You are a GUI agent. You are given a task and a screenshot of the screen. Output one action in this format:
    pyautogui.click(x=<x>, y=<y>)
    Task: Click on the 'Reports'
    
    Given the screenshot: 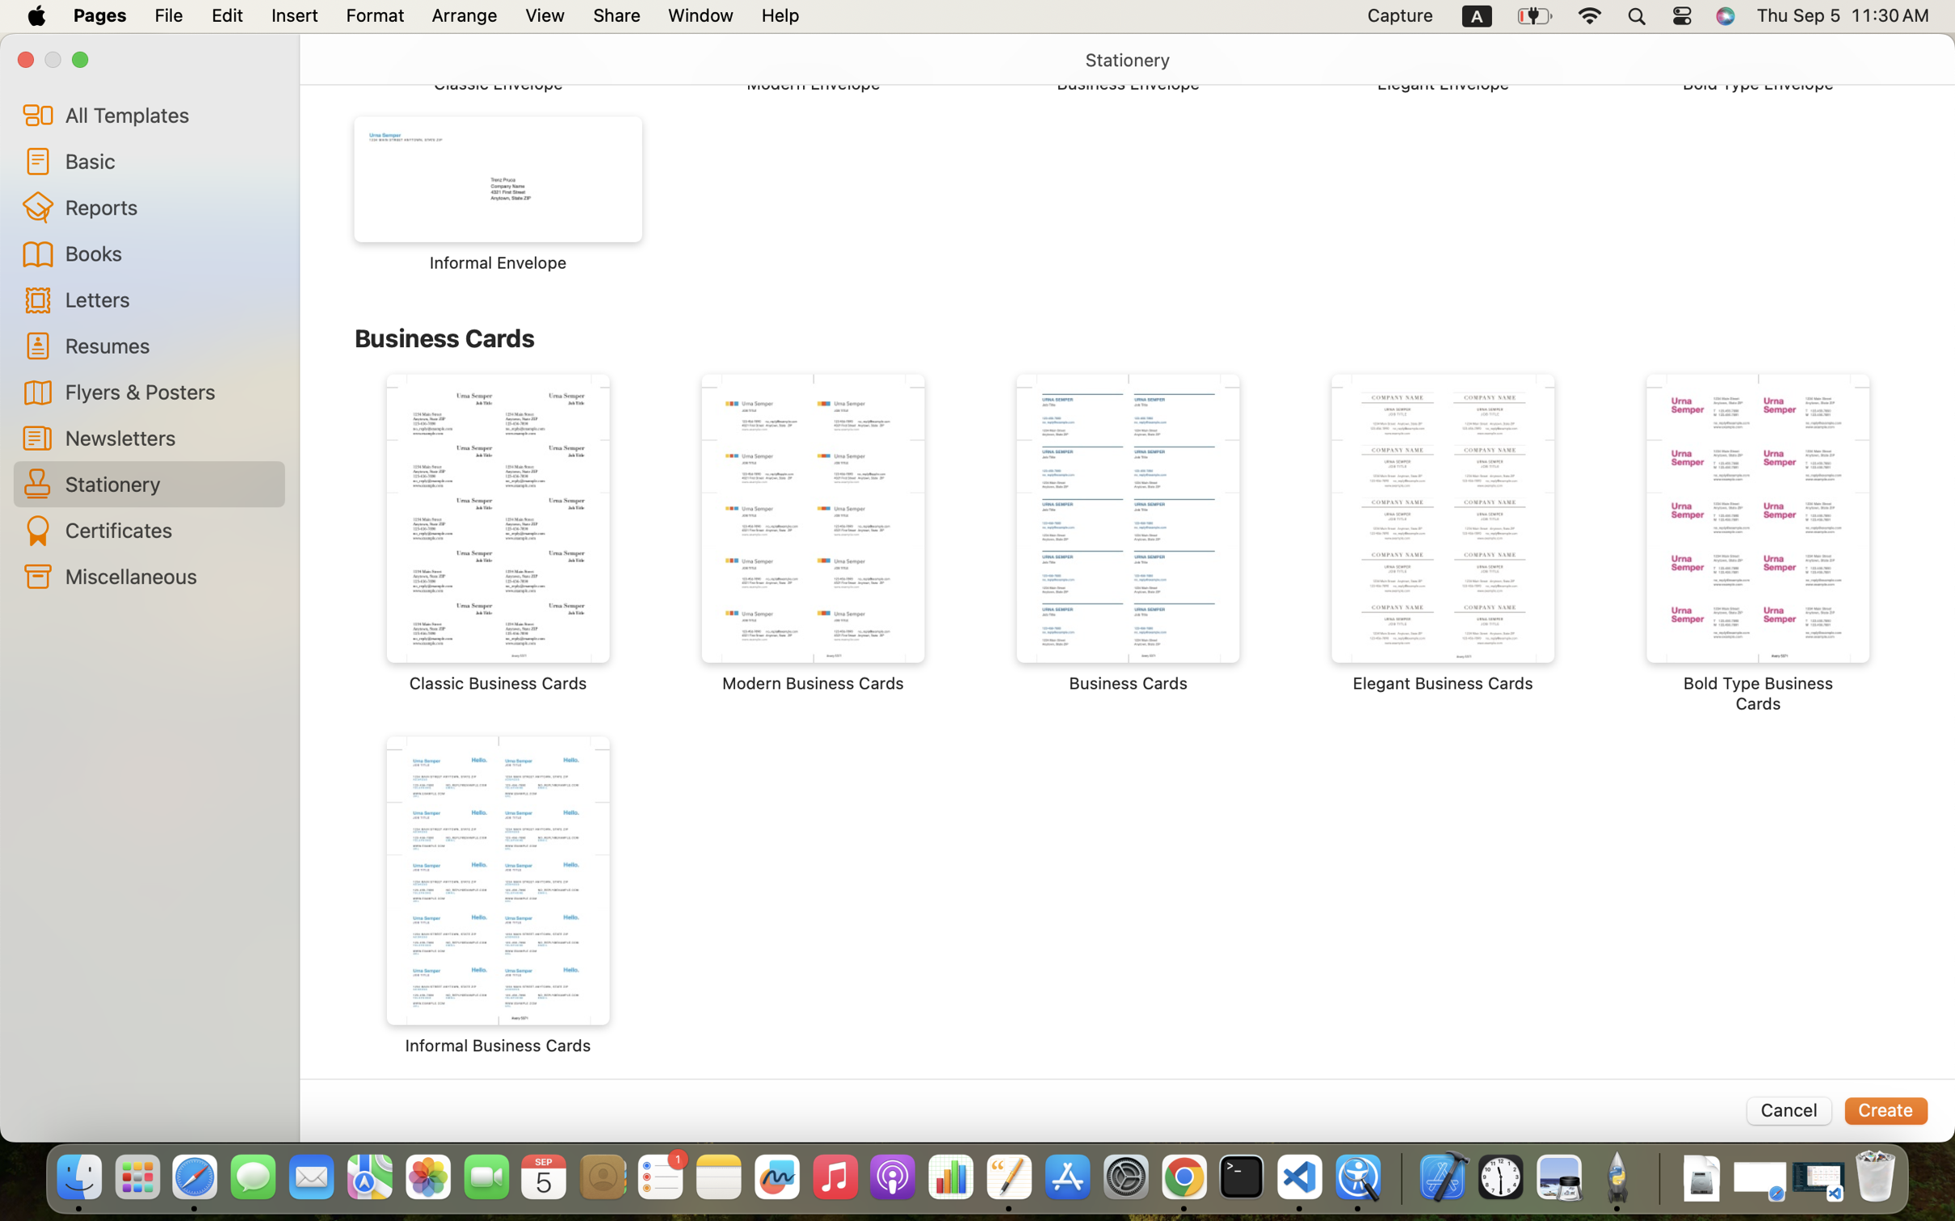 What is the action you would take?
    pyautogui.click(x=168, y=206)
    